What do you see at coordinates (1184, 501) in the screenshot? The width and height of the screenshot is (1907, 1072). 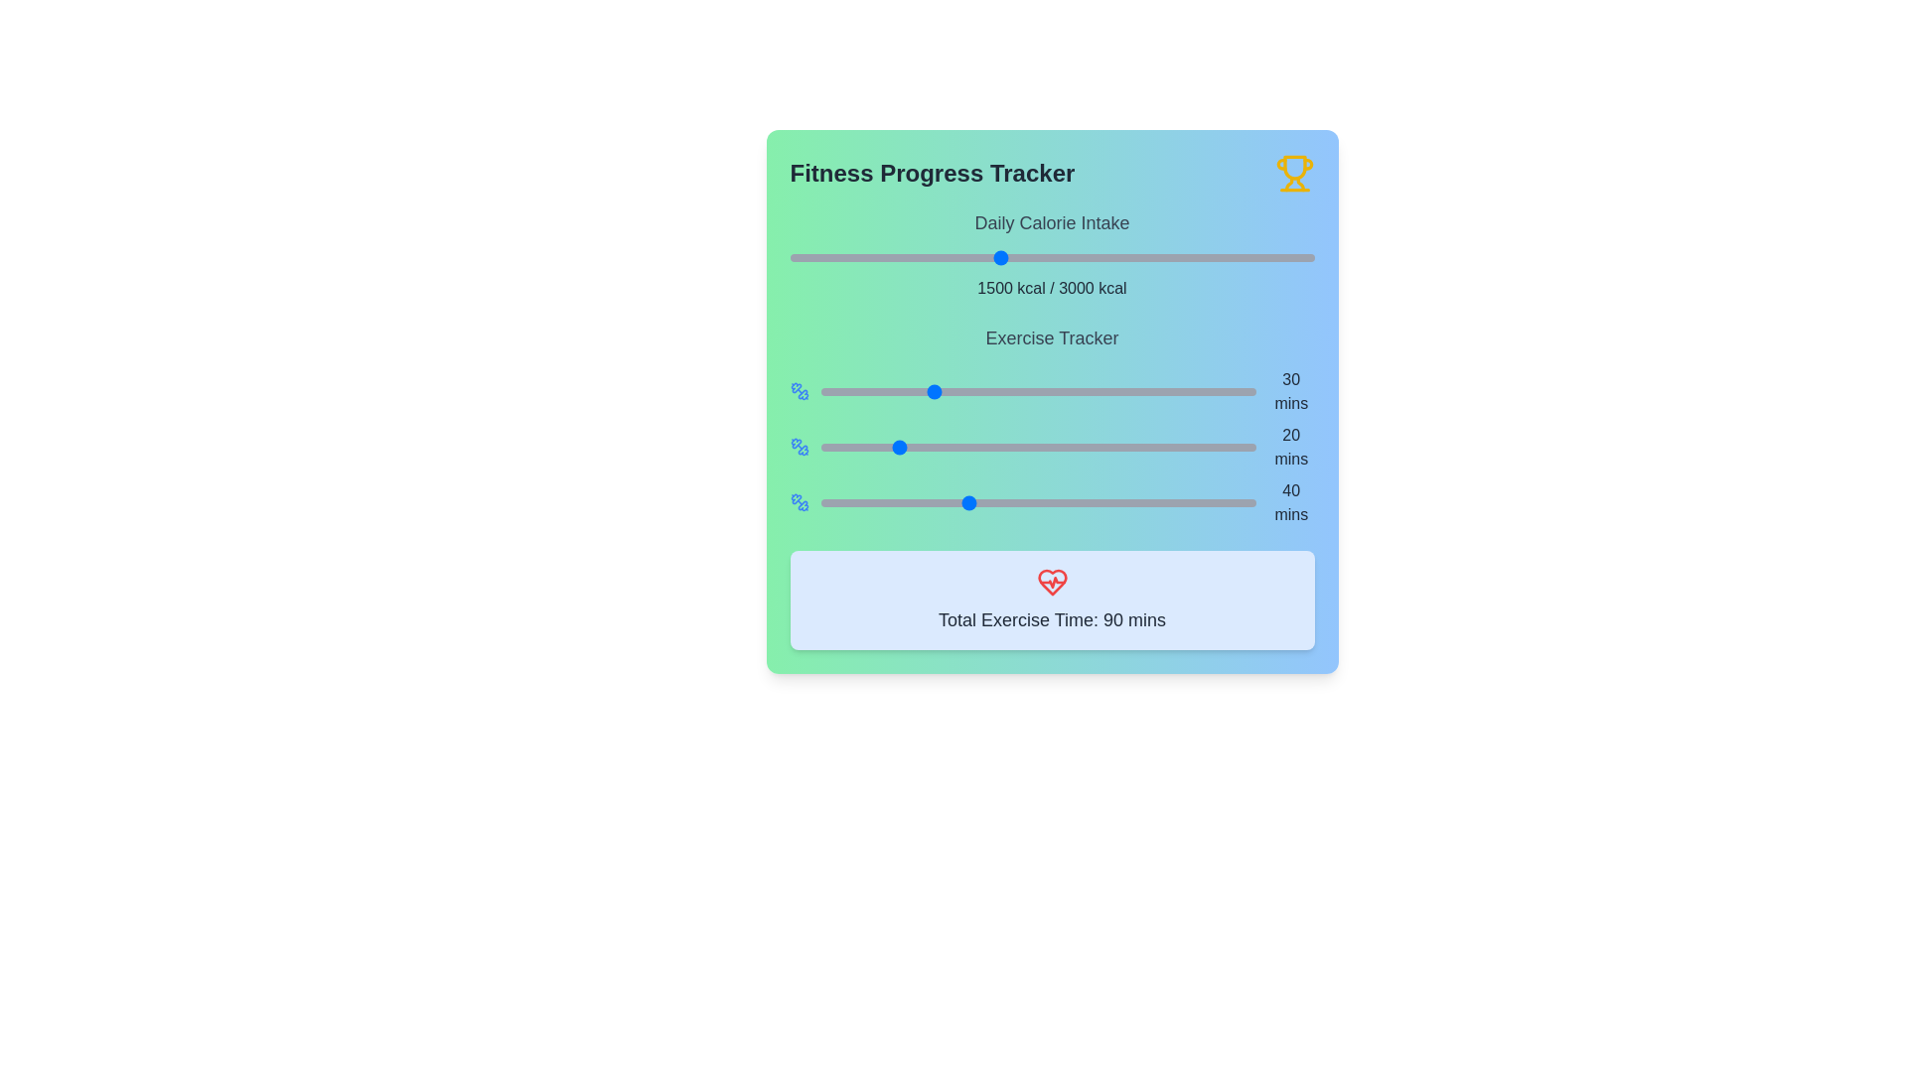 I see `the exercise time` at bounding box center [1184, 501].